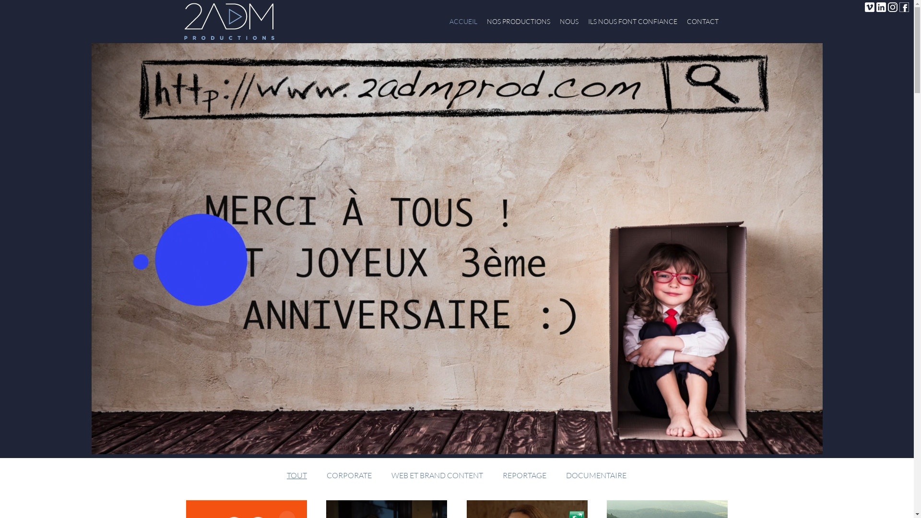 The image size is (921, 518). I want to click on 'DOCUMENTAIRE', so click(596, 475).